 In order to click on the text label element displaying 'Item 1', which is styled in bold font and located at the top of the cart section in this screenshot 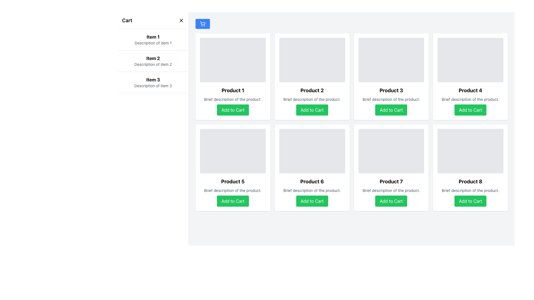, I will do `click(153, 37)`.